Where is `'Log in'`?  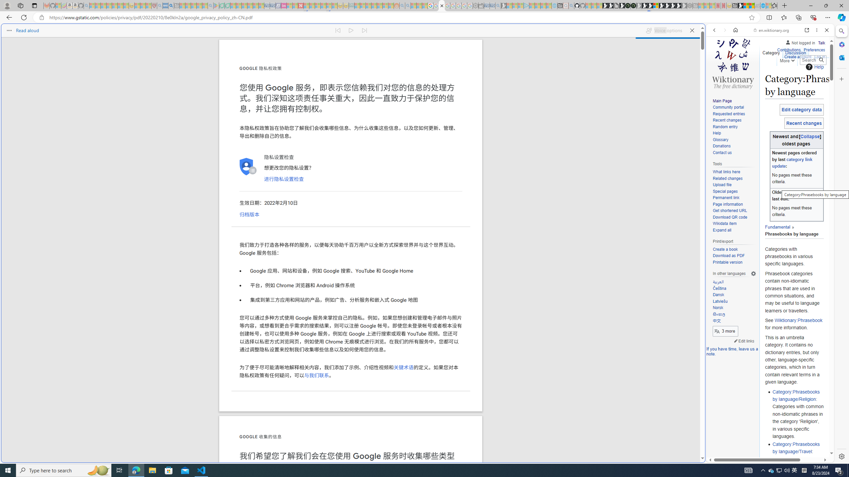 'Log in' is located at coordinates (819, 56).